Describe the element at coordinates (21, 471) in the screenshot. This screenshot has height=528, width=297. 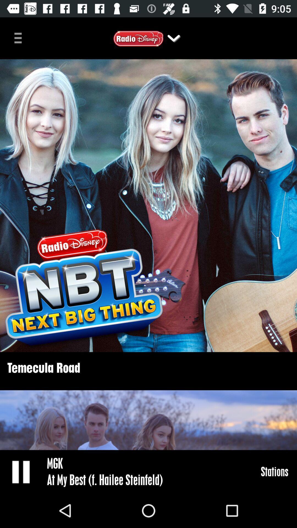
I see `stop playing` at that location.